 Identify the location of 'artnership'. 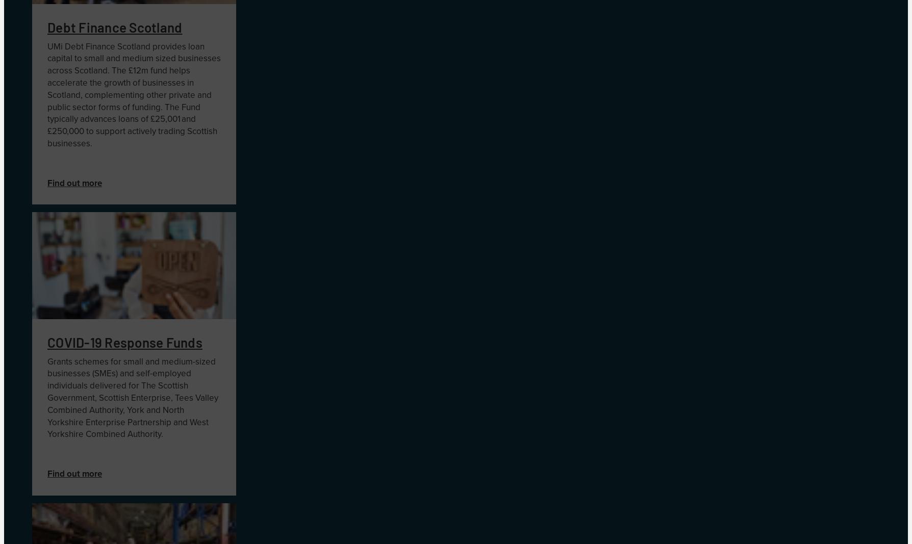
(151, 421).